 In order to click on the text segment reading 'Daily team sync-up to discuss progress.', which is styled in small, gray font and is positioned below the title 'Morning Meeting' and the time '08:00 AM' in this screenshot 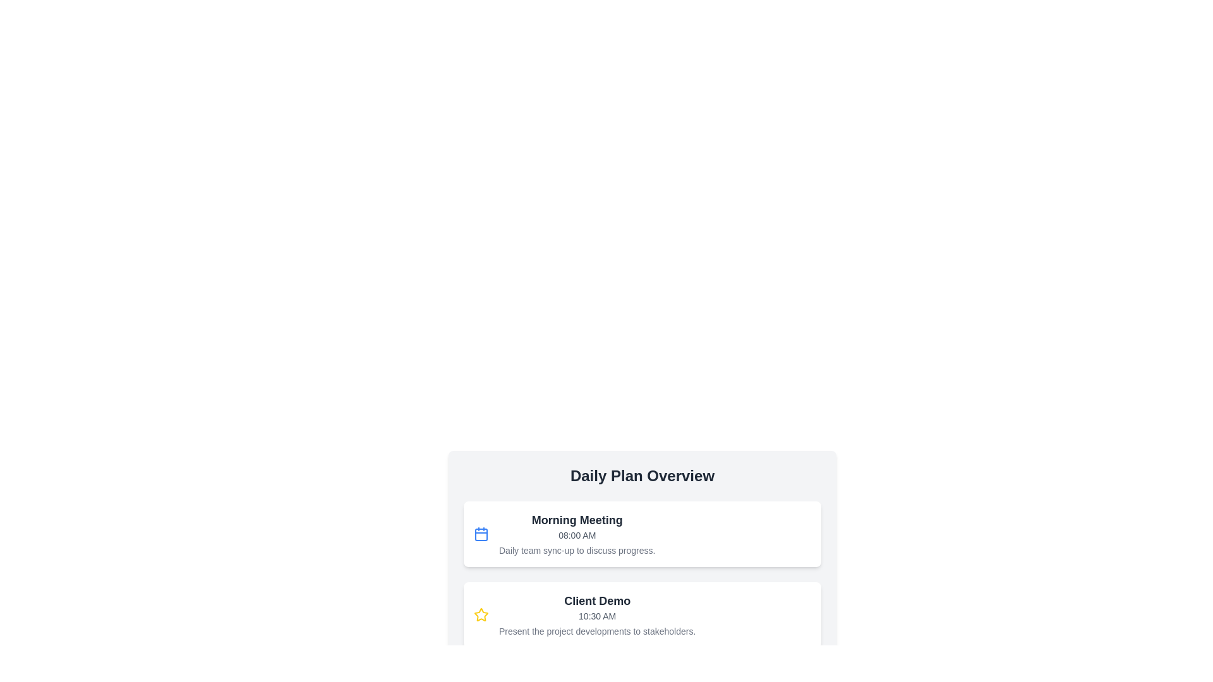, I will do `click(576, 549)`.